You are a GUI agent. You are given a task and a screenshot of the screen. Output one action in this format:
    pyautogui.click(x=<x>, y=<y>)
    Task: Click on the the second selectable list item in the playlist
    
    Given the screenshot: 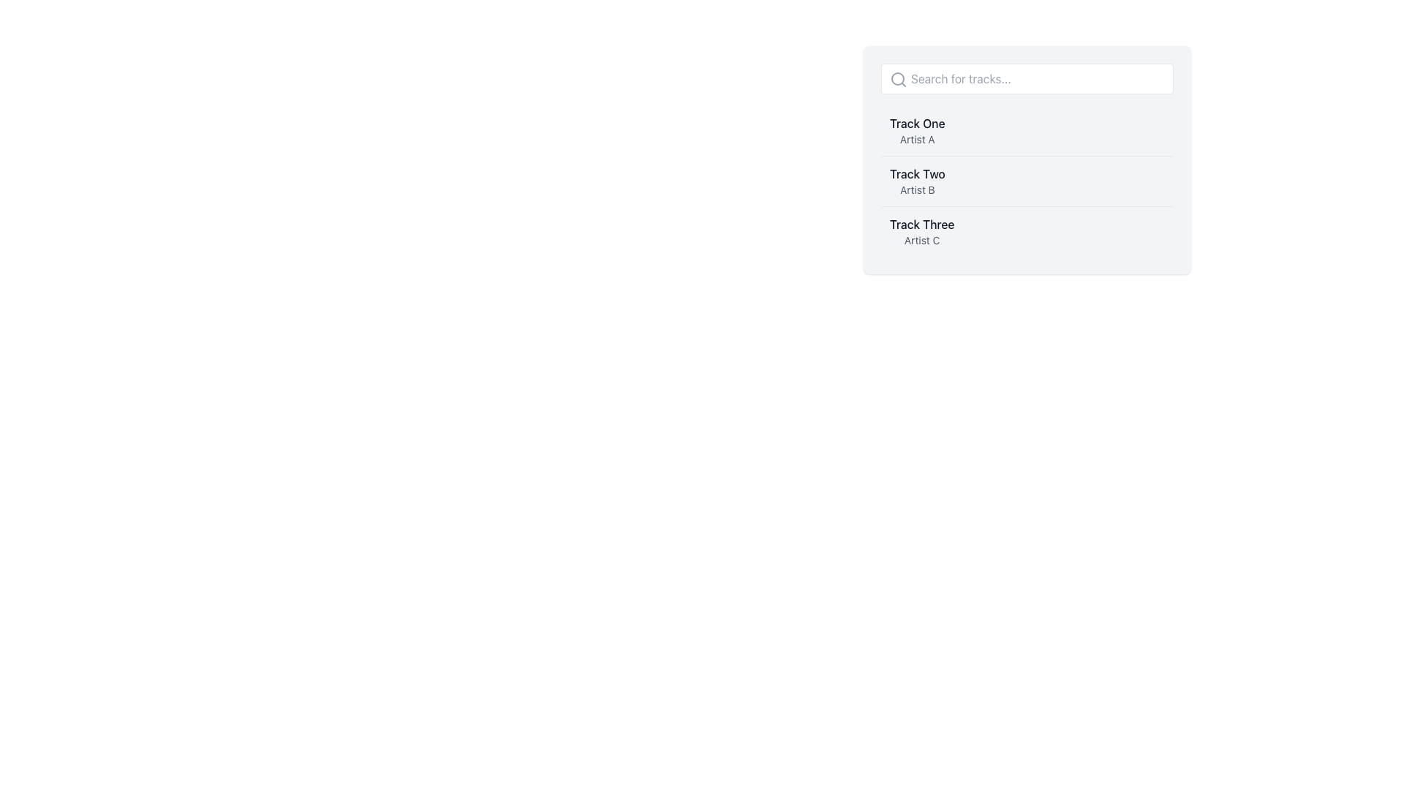 What is the action you would take?
    pyautogui.click(x=1027, y=180)
    